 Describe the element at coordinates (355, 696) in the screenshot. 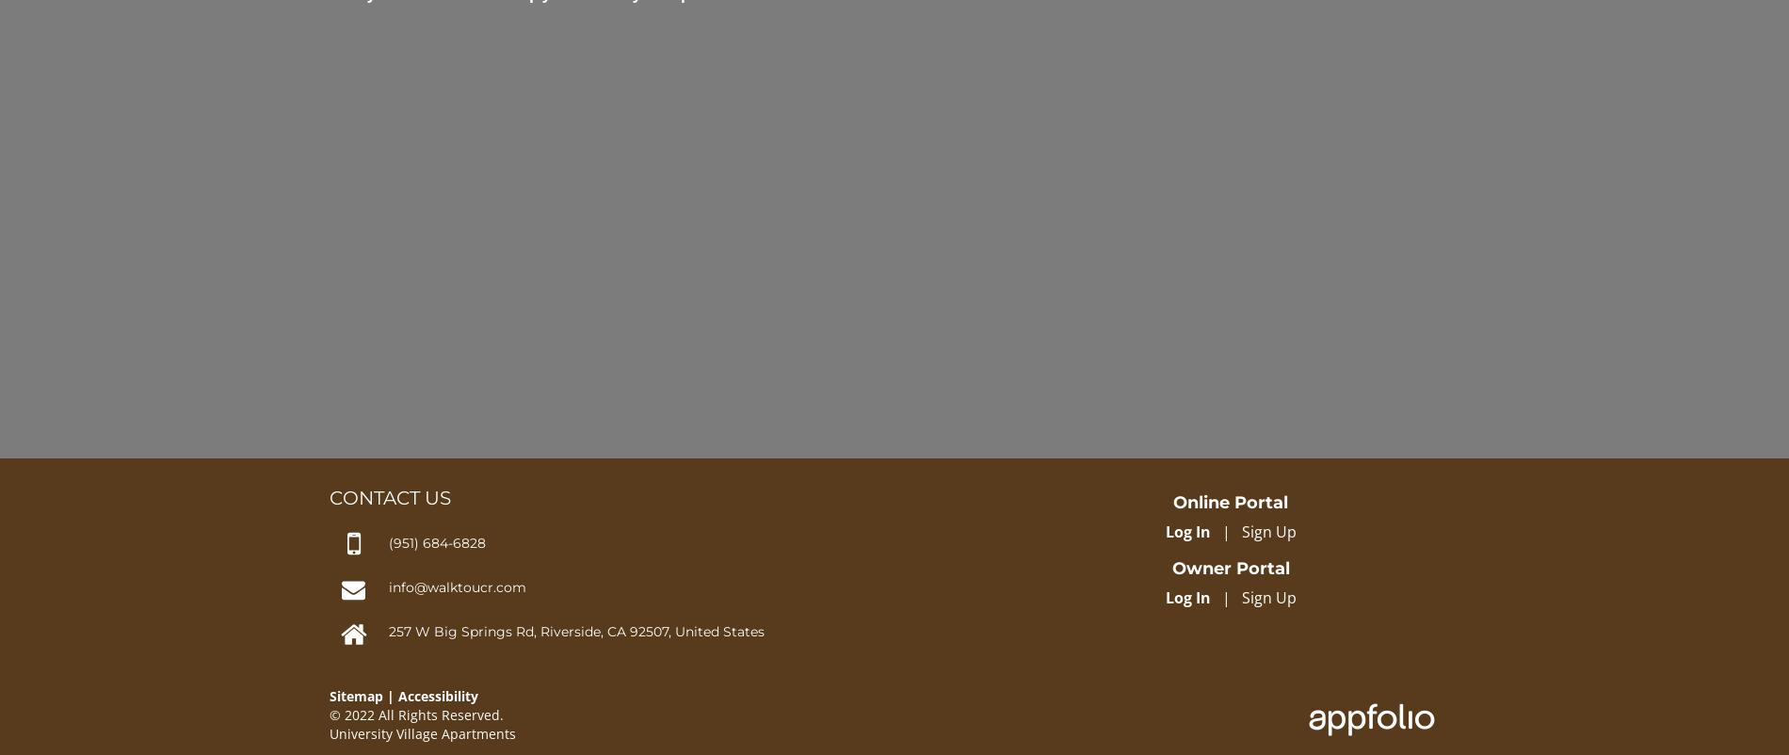

I see `'Sitemap'` at that location.